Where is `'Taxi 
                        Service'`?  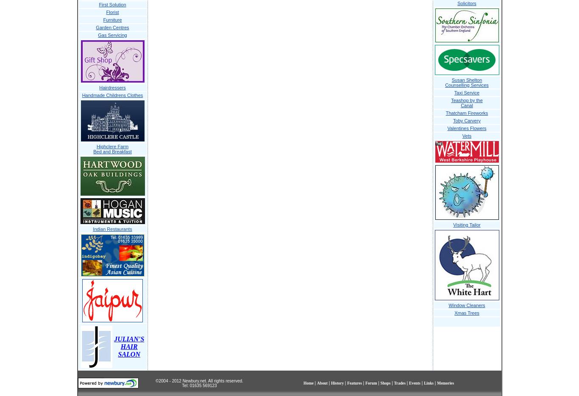 'Taxi 
                        Service' is located at coordinates (466, 92).